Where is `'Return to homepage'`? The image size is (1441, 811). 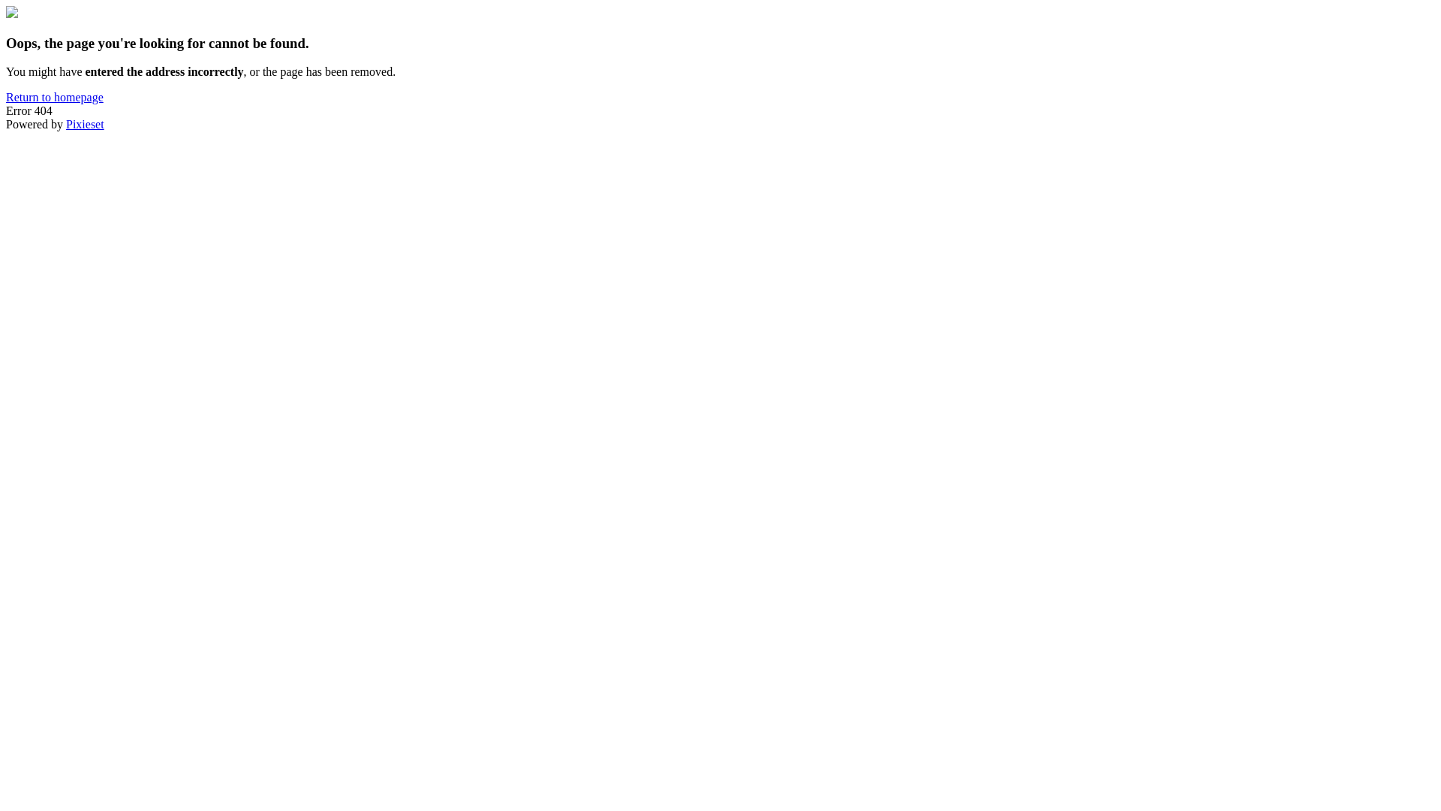
'Return to homepage' is located at coordinates (54, 97).